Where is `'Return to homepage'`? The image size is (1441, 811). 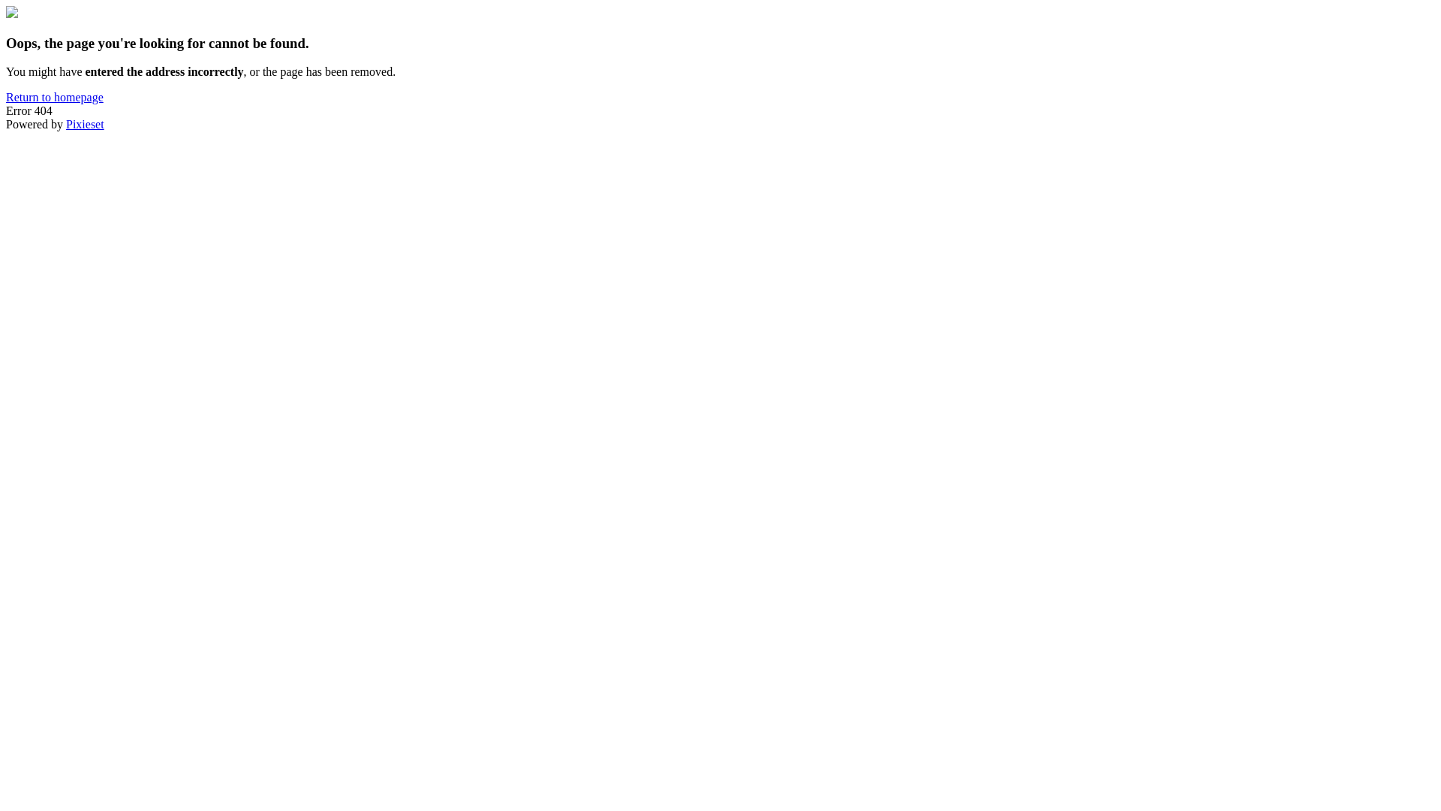
'Return to homepage' is located at coordinates (54, 97).